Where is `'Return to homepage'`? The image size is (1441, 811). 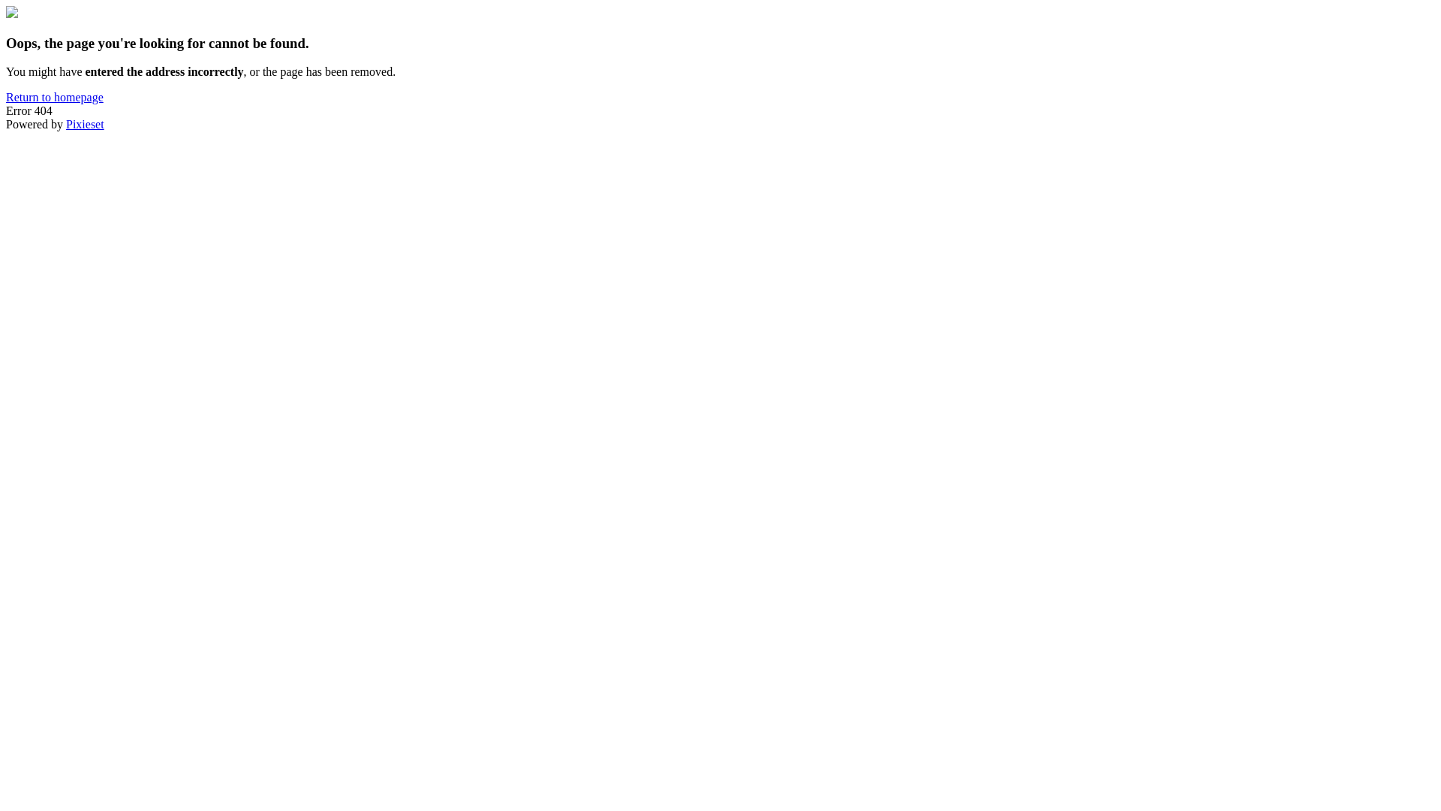
'Return to homepage' is located at coordinates (54, 97).